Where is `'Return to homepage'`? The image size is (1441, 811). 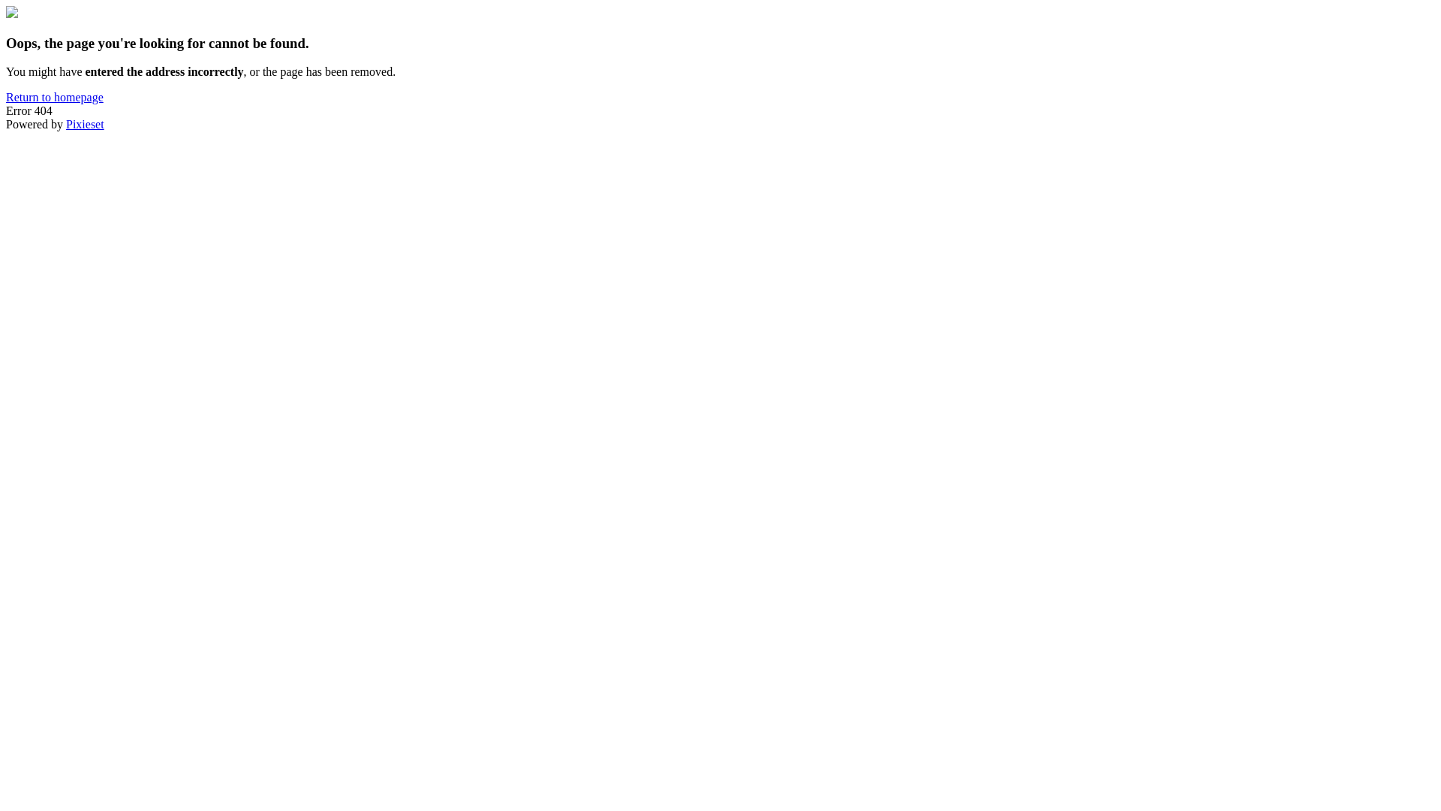
'Return to homepage' is located at coordinates (54, 97).